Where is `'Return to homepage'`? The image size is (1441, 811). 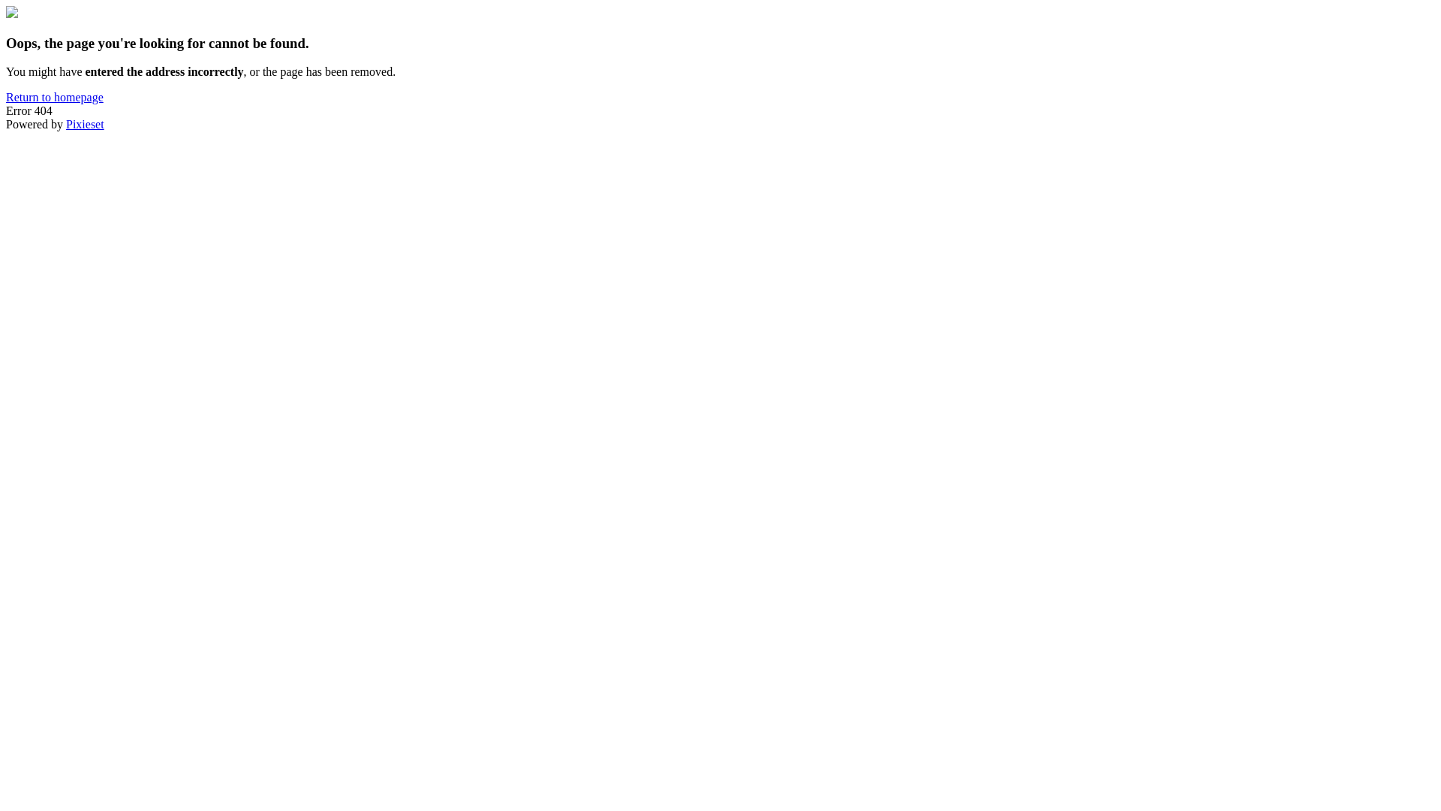
'Return to homepage' is located at coordinates (54, 97).